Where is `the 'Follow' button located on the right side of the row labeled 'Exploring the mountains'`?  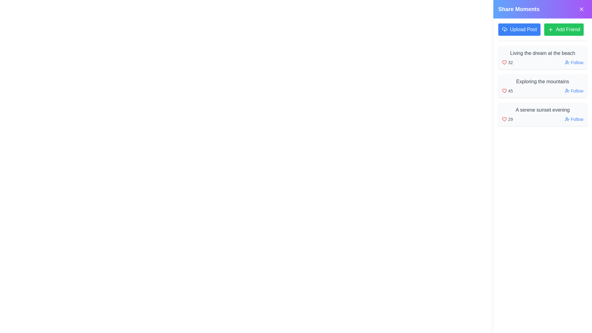
the 'Follow' button located on the right side of the row labeled 'Exploring the mountains' is located at coordinates (573, 91).